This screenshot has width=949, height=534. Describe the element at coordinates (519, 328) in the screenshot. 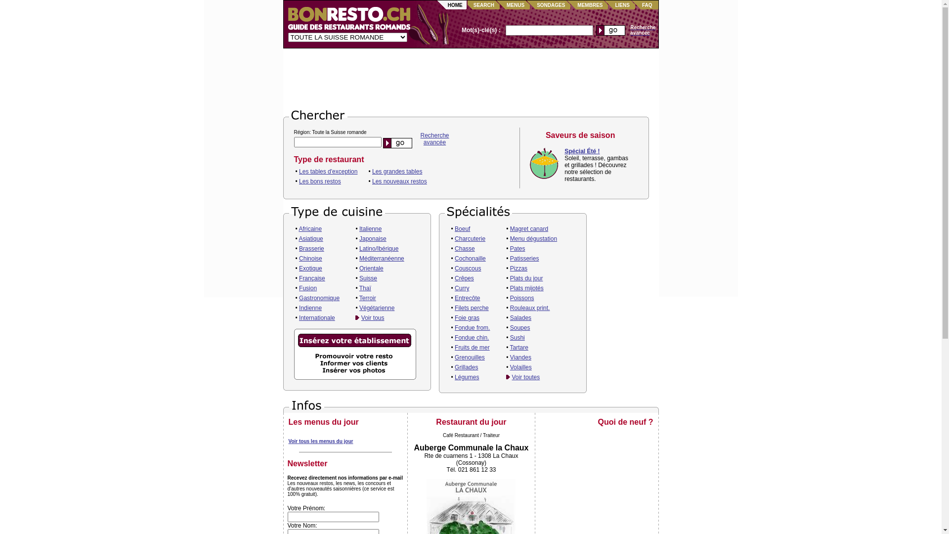

I see `'Soupes'` at that location.